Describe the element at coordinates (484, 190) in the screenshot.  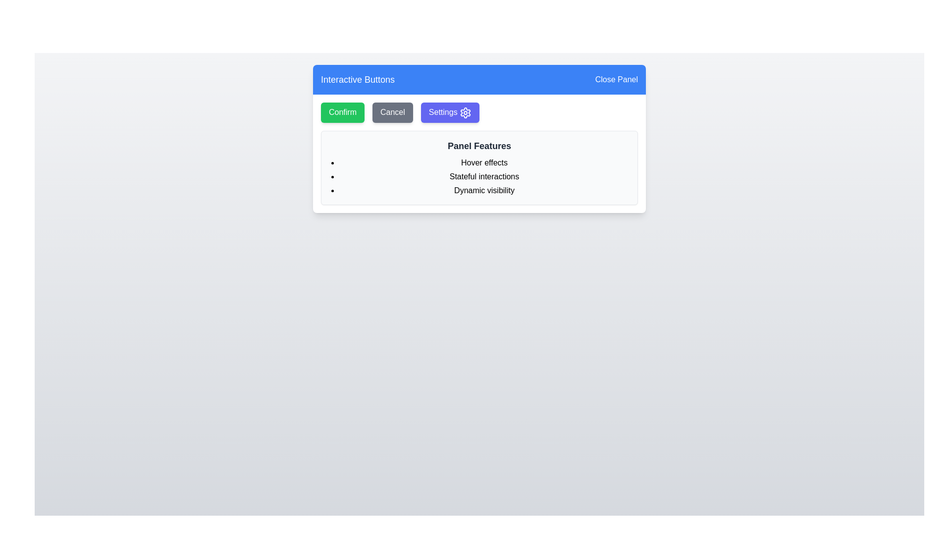
I see `the static text labeled 'Dynamic visibility', which is the third item in the bulleted list under 'Panel Features'` at that location.